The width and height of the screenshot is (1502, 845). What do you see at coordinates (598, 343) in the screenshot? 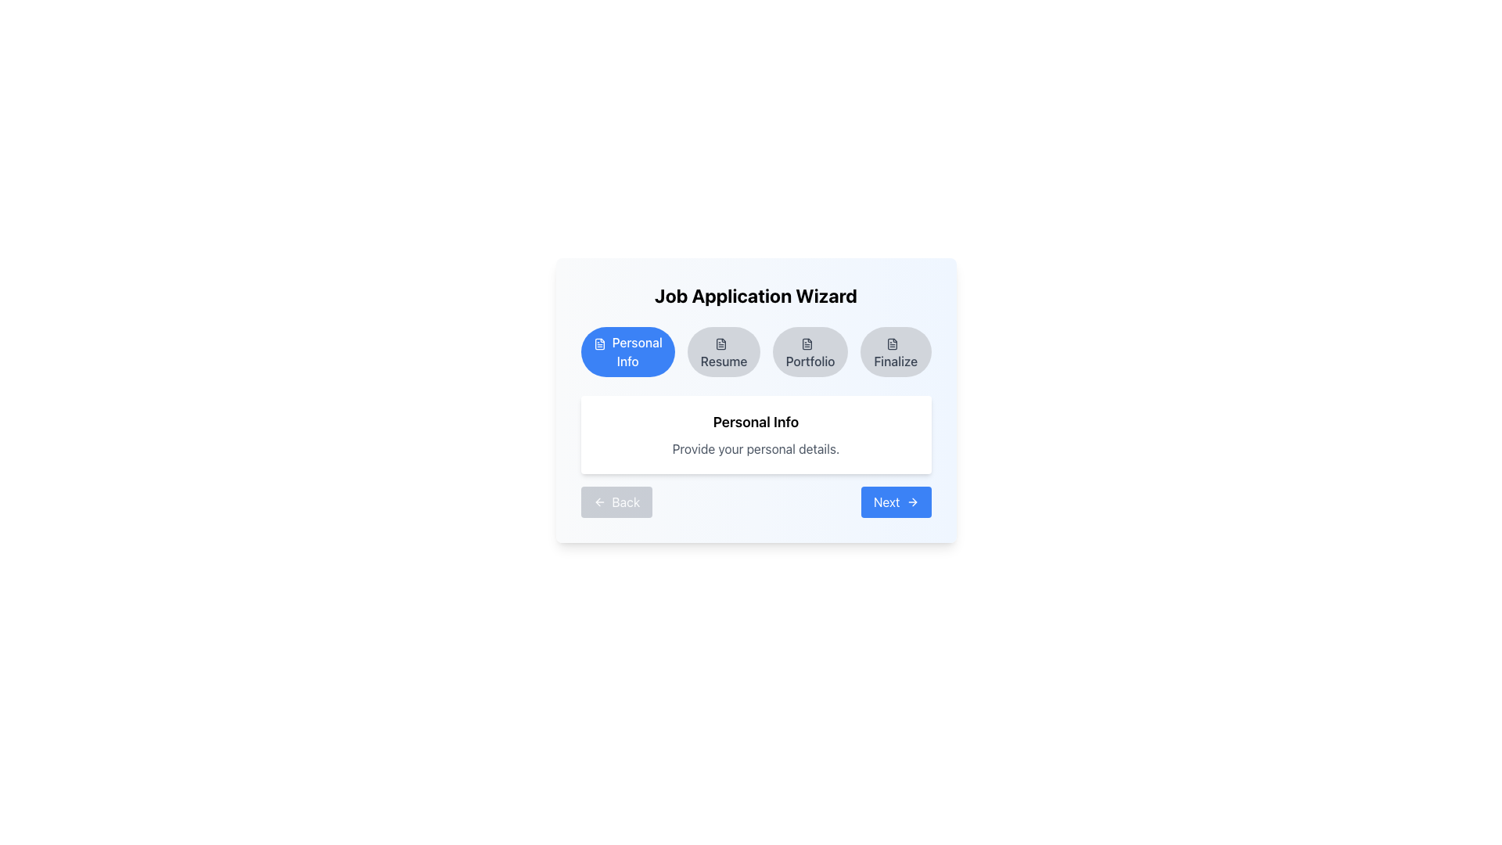
I see `the small document icon located to the left of the 'Personal Info' text within the first rounded blue button in the top navigation bar for interaction` at bounding box center [598, 343].